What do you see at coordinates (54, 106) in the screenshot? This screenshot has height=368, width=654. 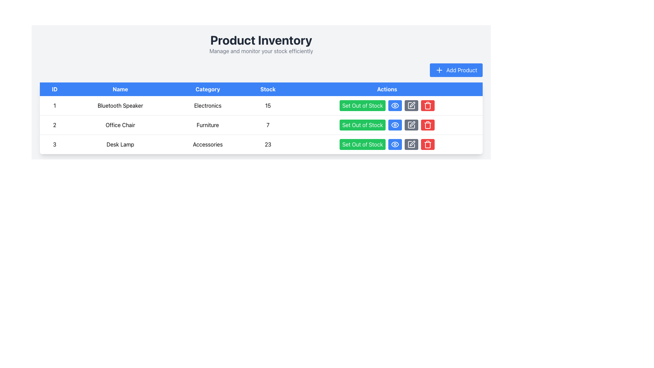 I see `the text element that serves as the identifier for the first item in the table under the 'ID' header` at bounding box center [54, 106].